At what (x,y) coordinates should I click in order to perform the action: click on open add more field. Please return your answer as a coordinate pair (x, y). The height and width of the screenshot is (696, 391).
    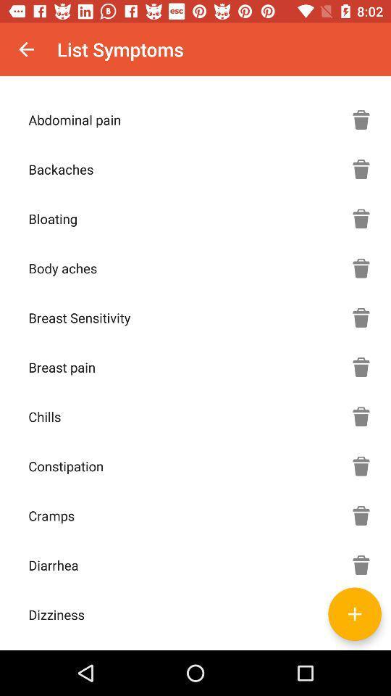
    Looking at the image, I should click on (354, 613).